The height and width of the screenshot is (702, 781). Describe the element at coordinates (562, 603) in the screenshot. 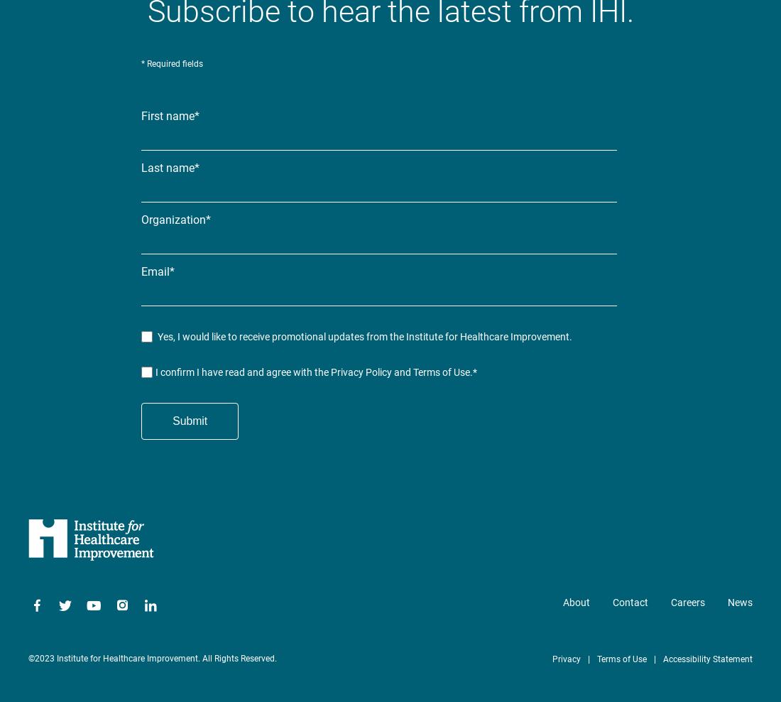

I see `'About'` at that location.